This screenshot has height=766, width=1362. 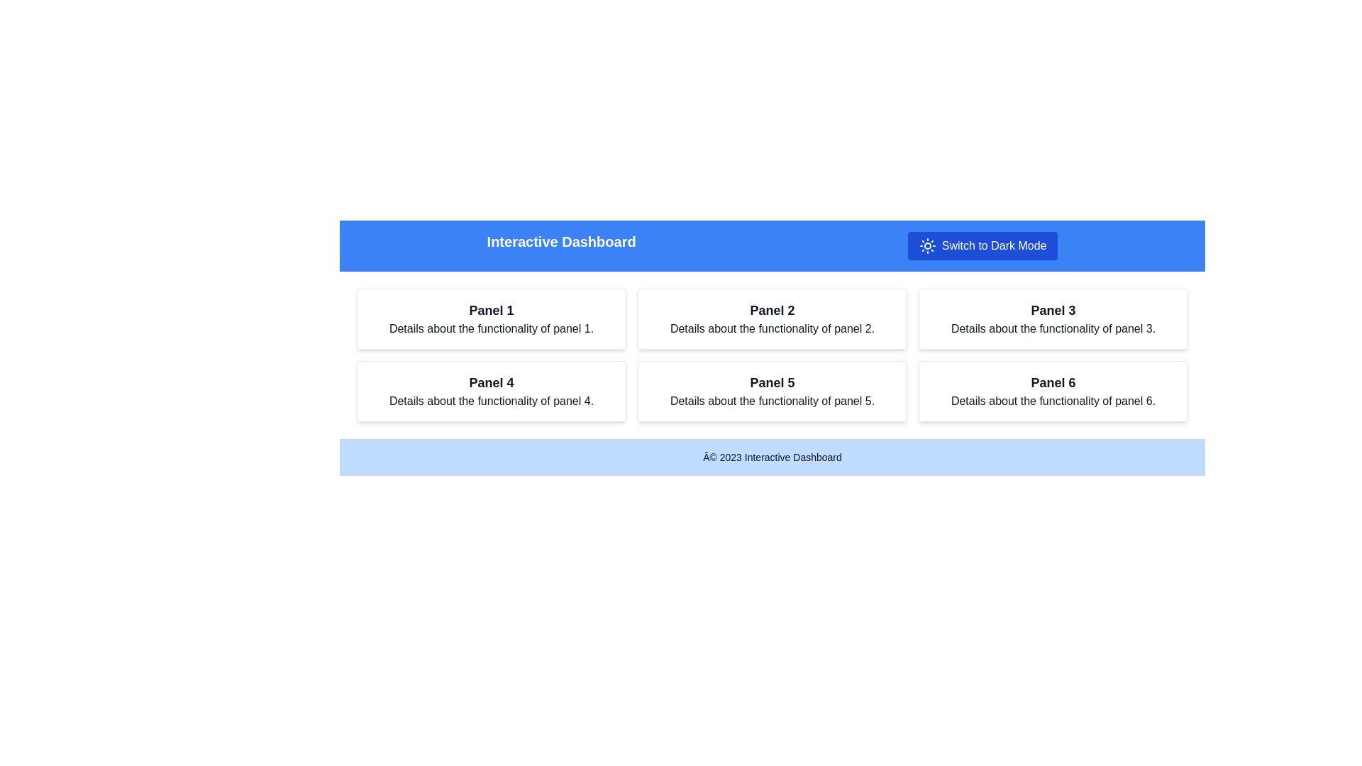 I want to click on the Informational panel titled 'Panel 3', which is a rectangular panel with a white background and rounded corners, located in the first row and third from the left in a grid of six panels, so click(x=1053, y=319).